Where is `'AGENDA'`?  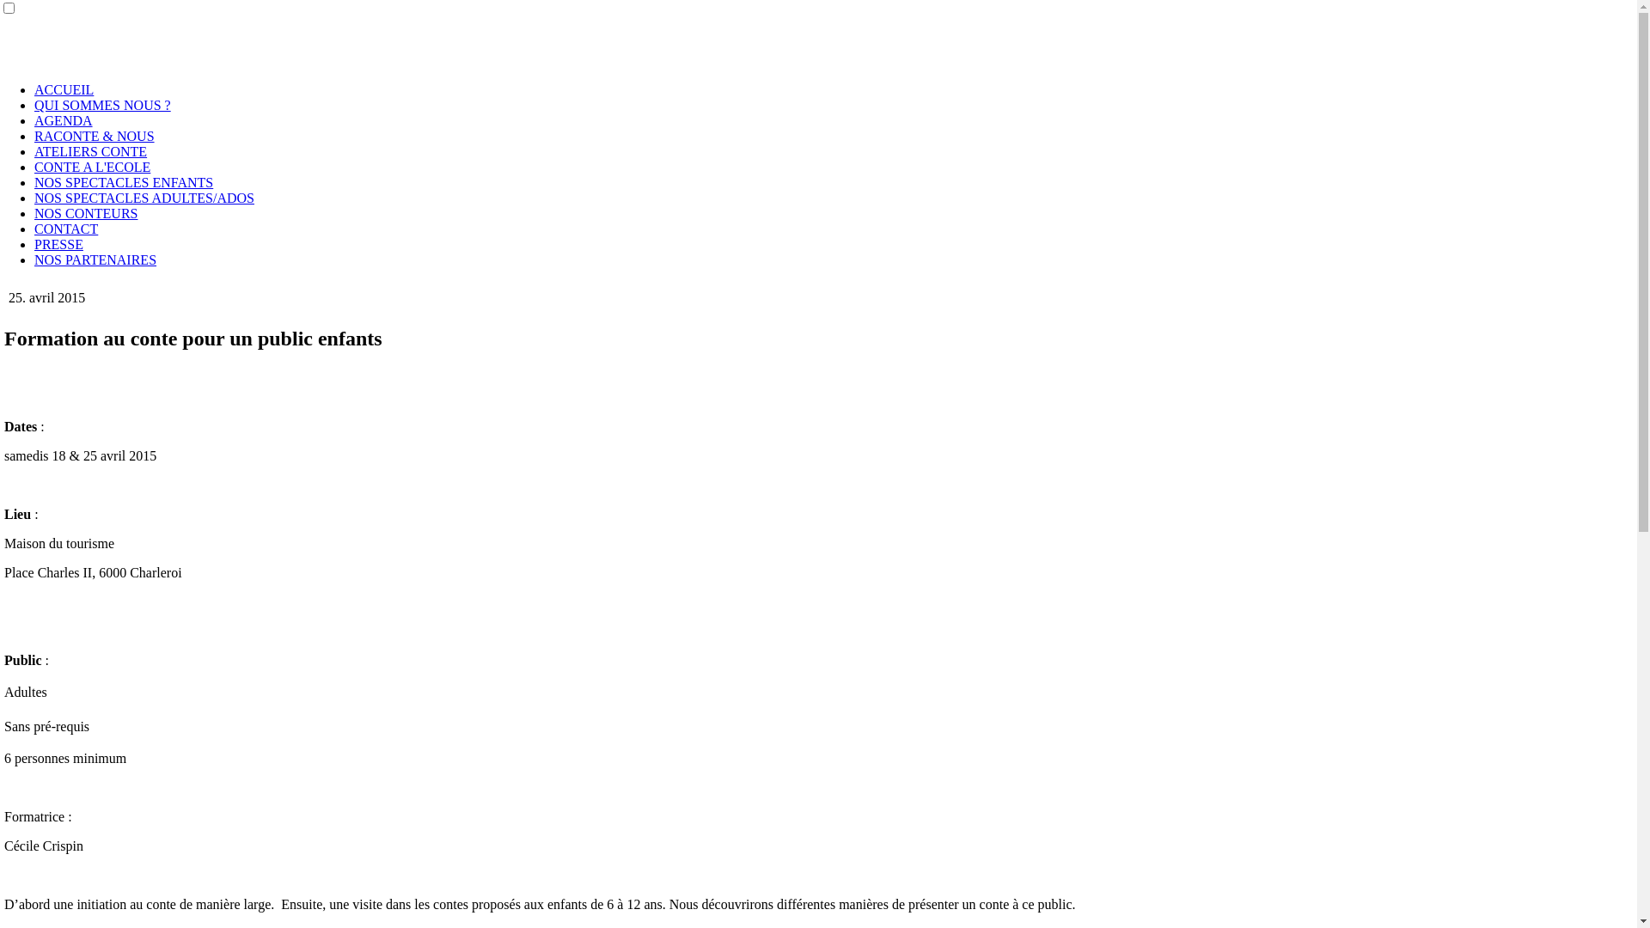
'AGENDA' is located at coordinates (63, 119).